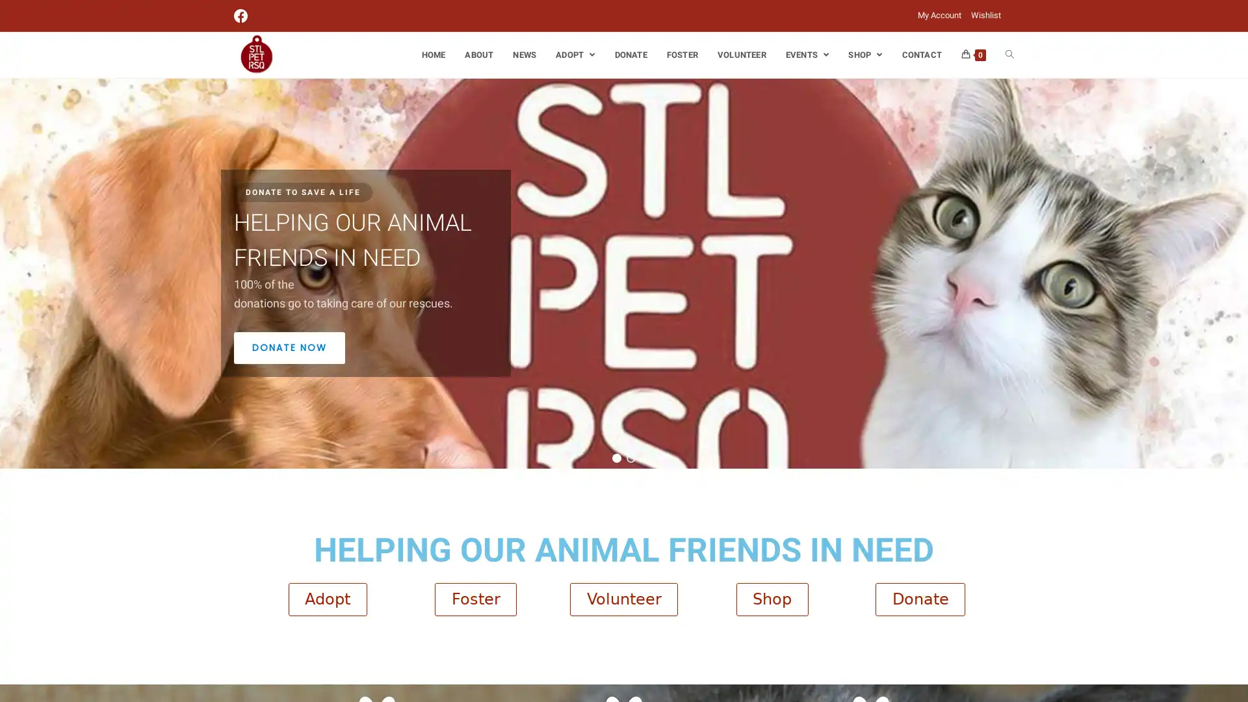  I want to click on Volunteer, so click(624, 599).